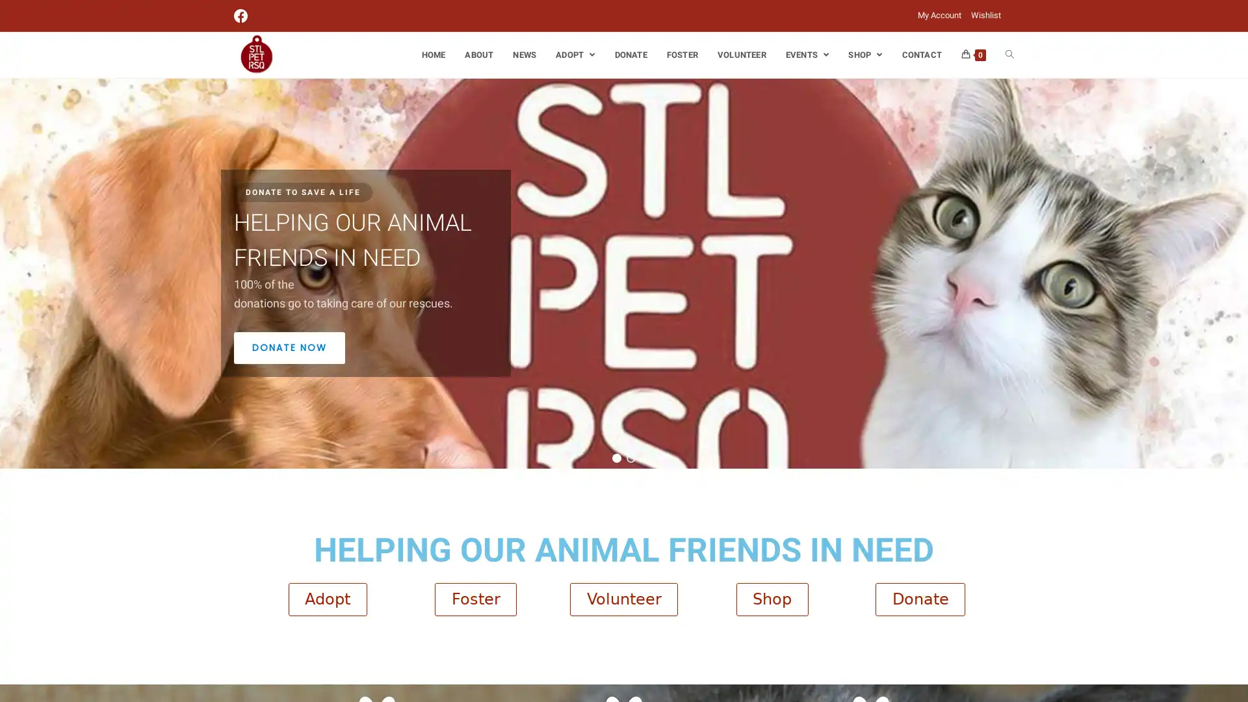  I want to click on Volunteer, so click(624, 599).